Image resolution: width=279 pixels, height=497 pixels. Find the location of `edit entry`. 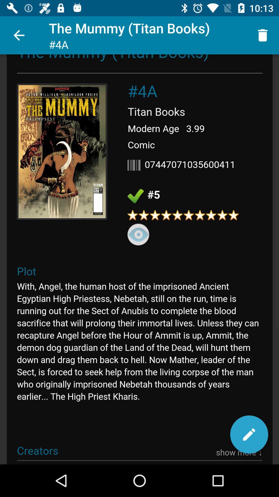

edit entry is located at coordinates (249, 434).